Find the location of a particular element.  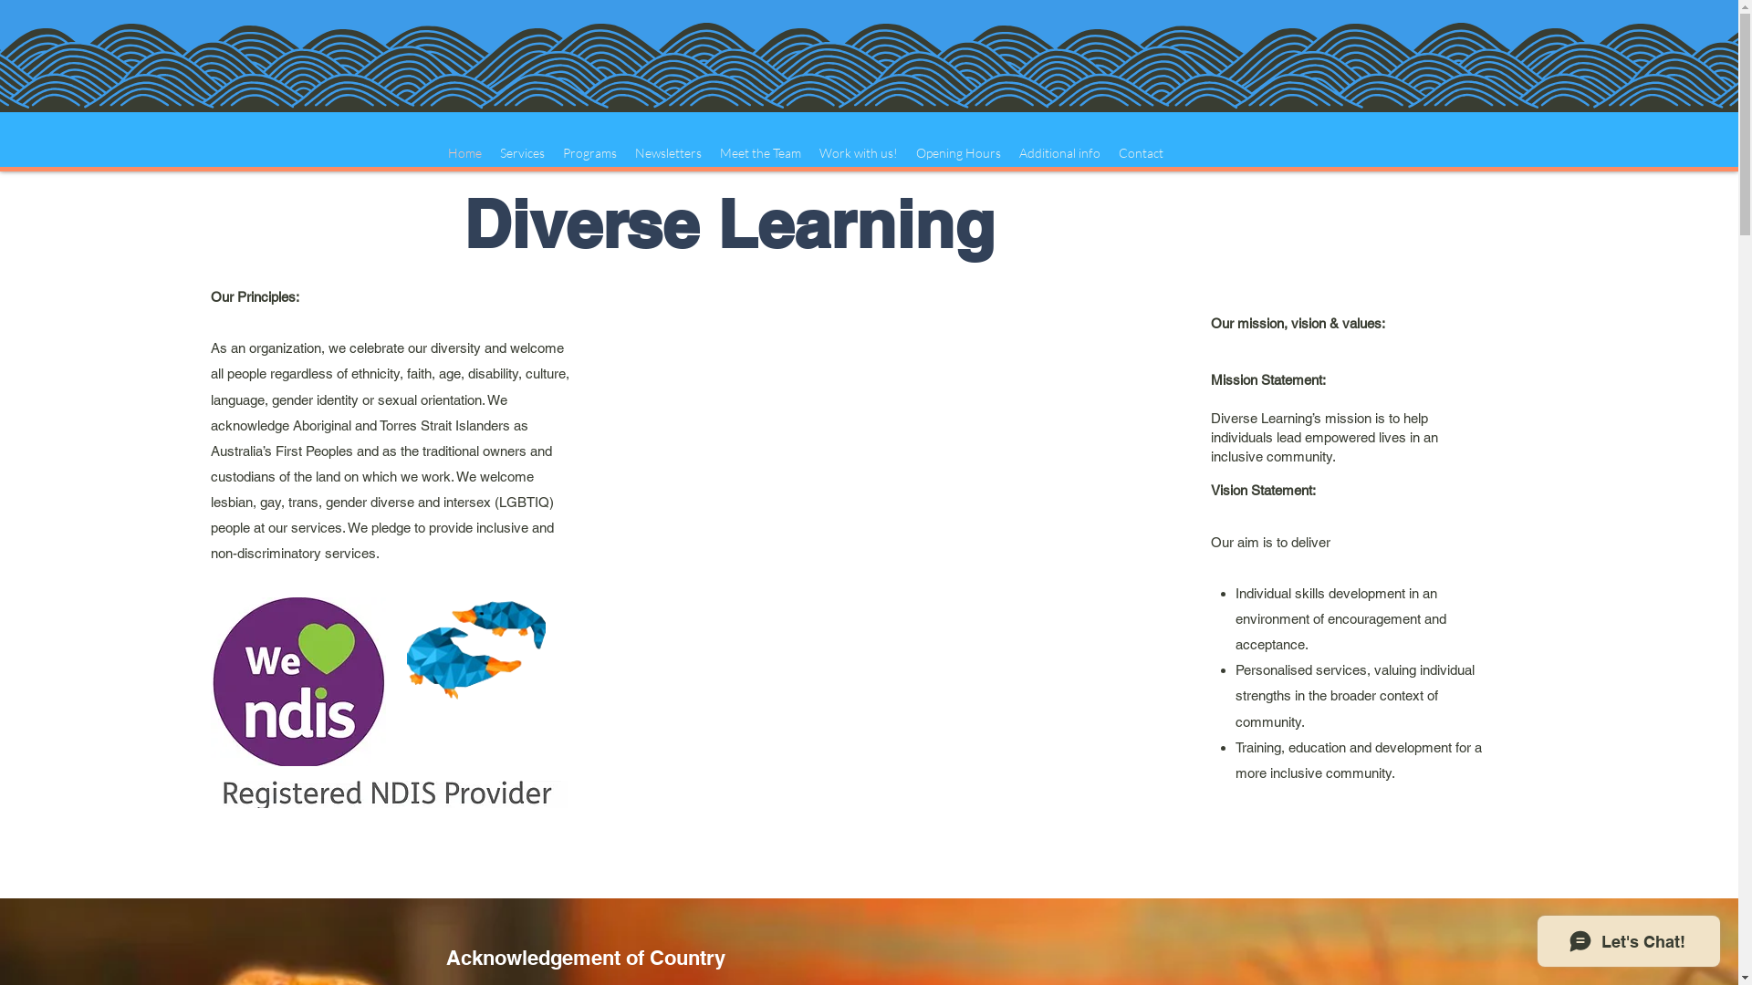

'Opening Hours' is located at coordinates (957, 152).